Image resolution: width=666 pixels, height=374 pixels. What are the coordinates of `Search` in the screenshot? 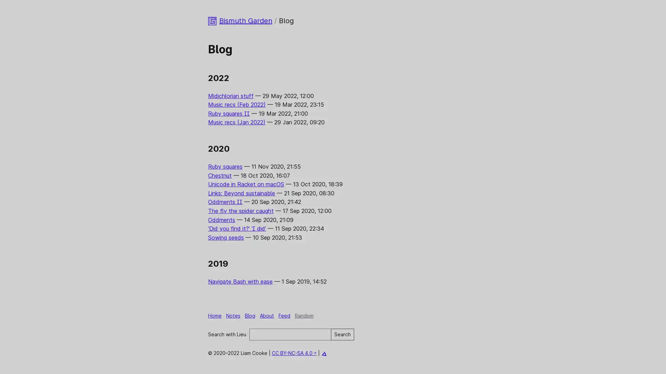 It's located at (342, 334).